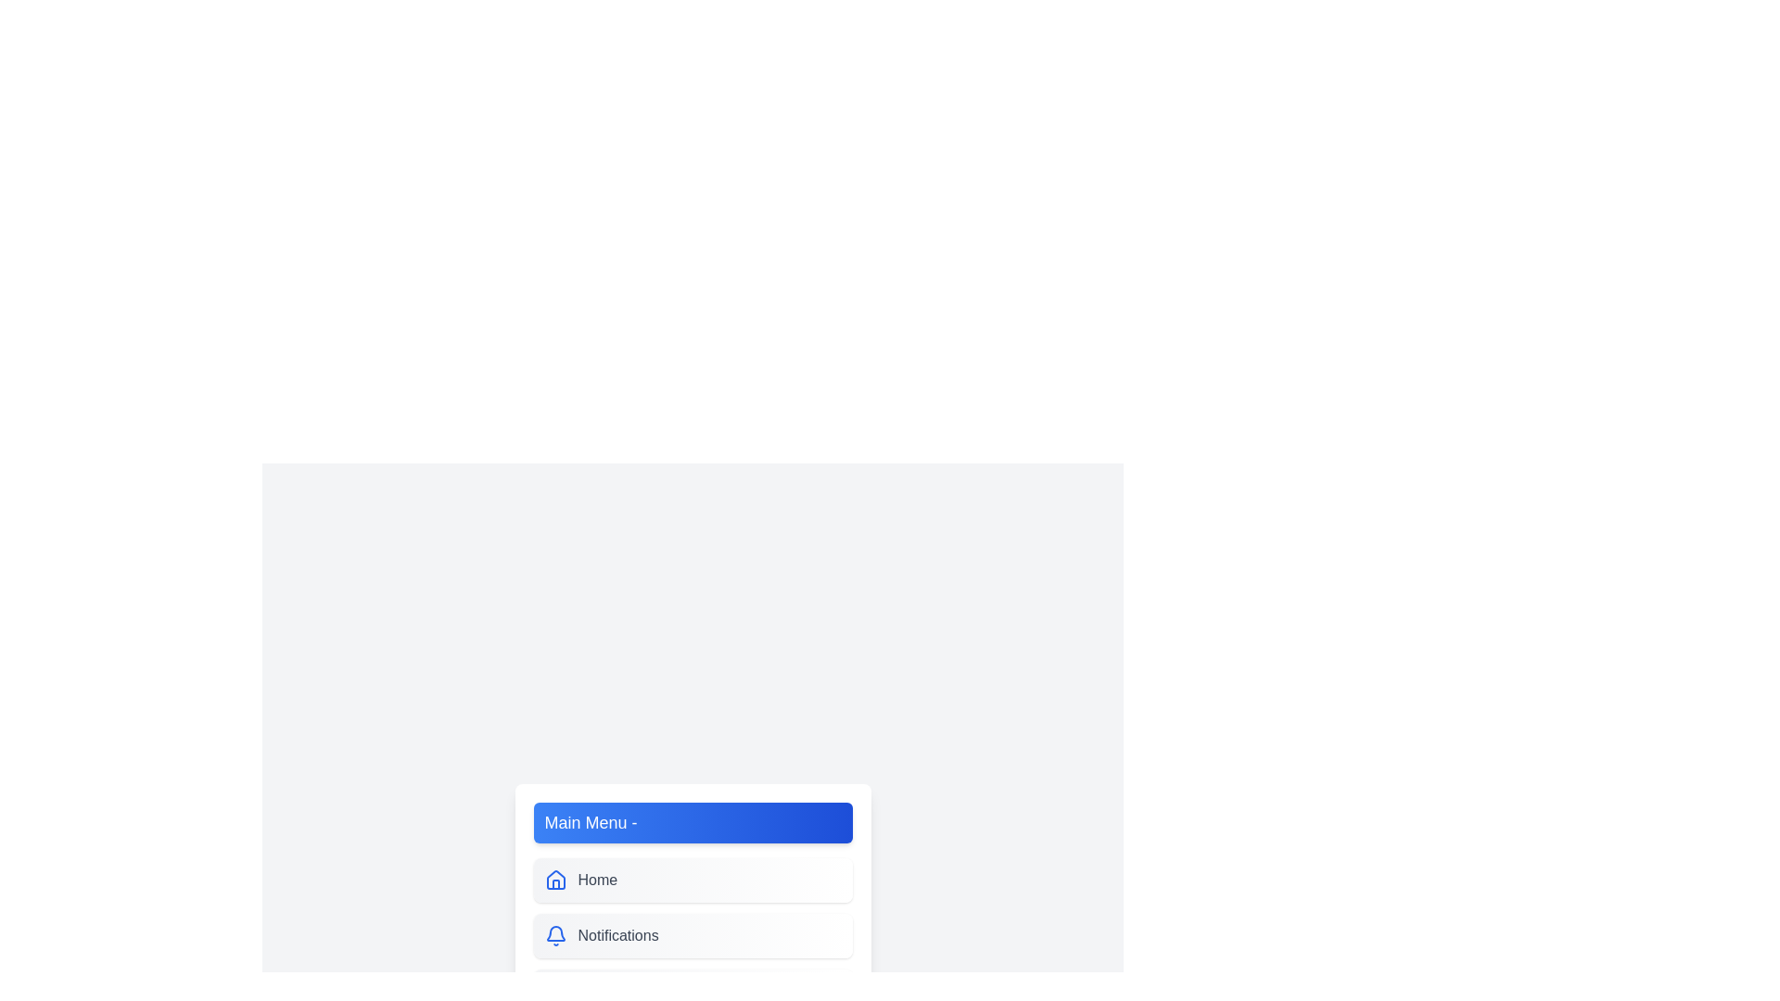 The image size is (1780, 1001). Describe the element at coordinates (692, 821) in the screenshot. I see `the main menu button to toggle the menu visibility` at that location.